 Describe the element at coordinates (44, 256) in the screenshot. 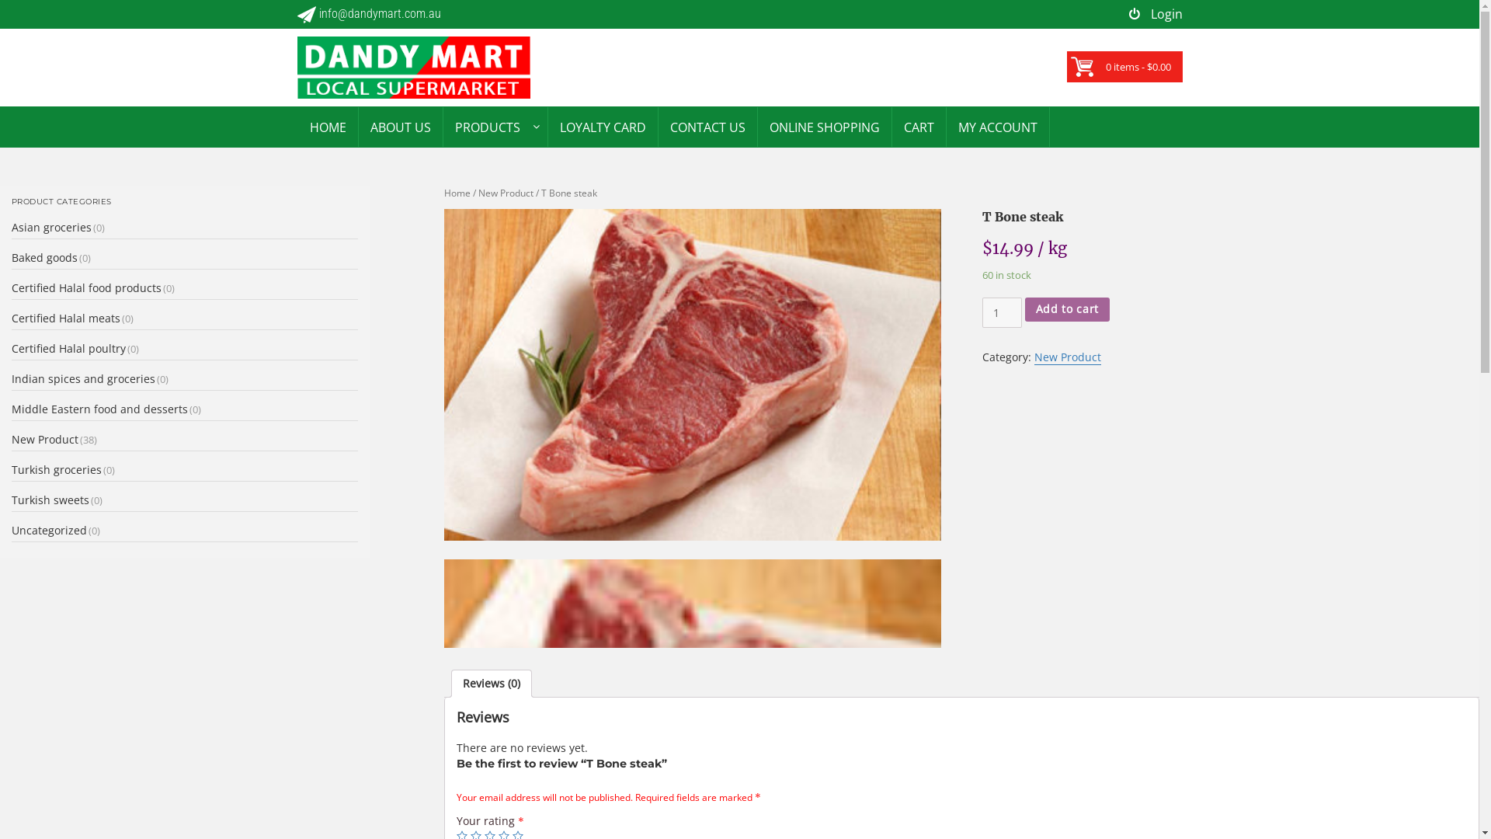

I see `'Baked goods'` at that location.